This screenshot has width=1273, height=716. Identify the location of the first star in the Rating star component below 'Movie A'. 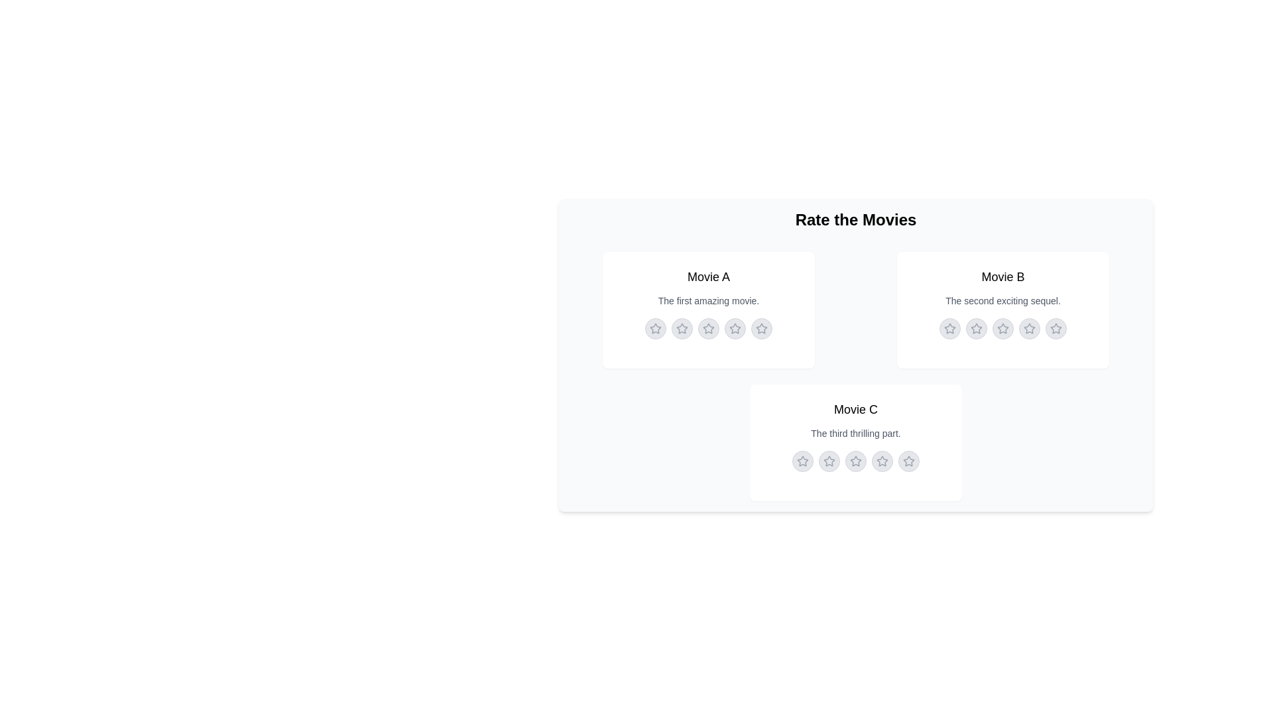
(655, 328).